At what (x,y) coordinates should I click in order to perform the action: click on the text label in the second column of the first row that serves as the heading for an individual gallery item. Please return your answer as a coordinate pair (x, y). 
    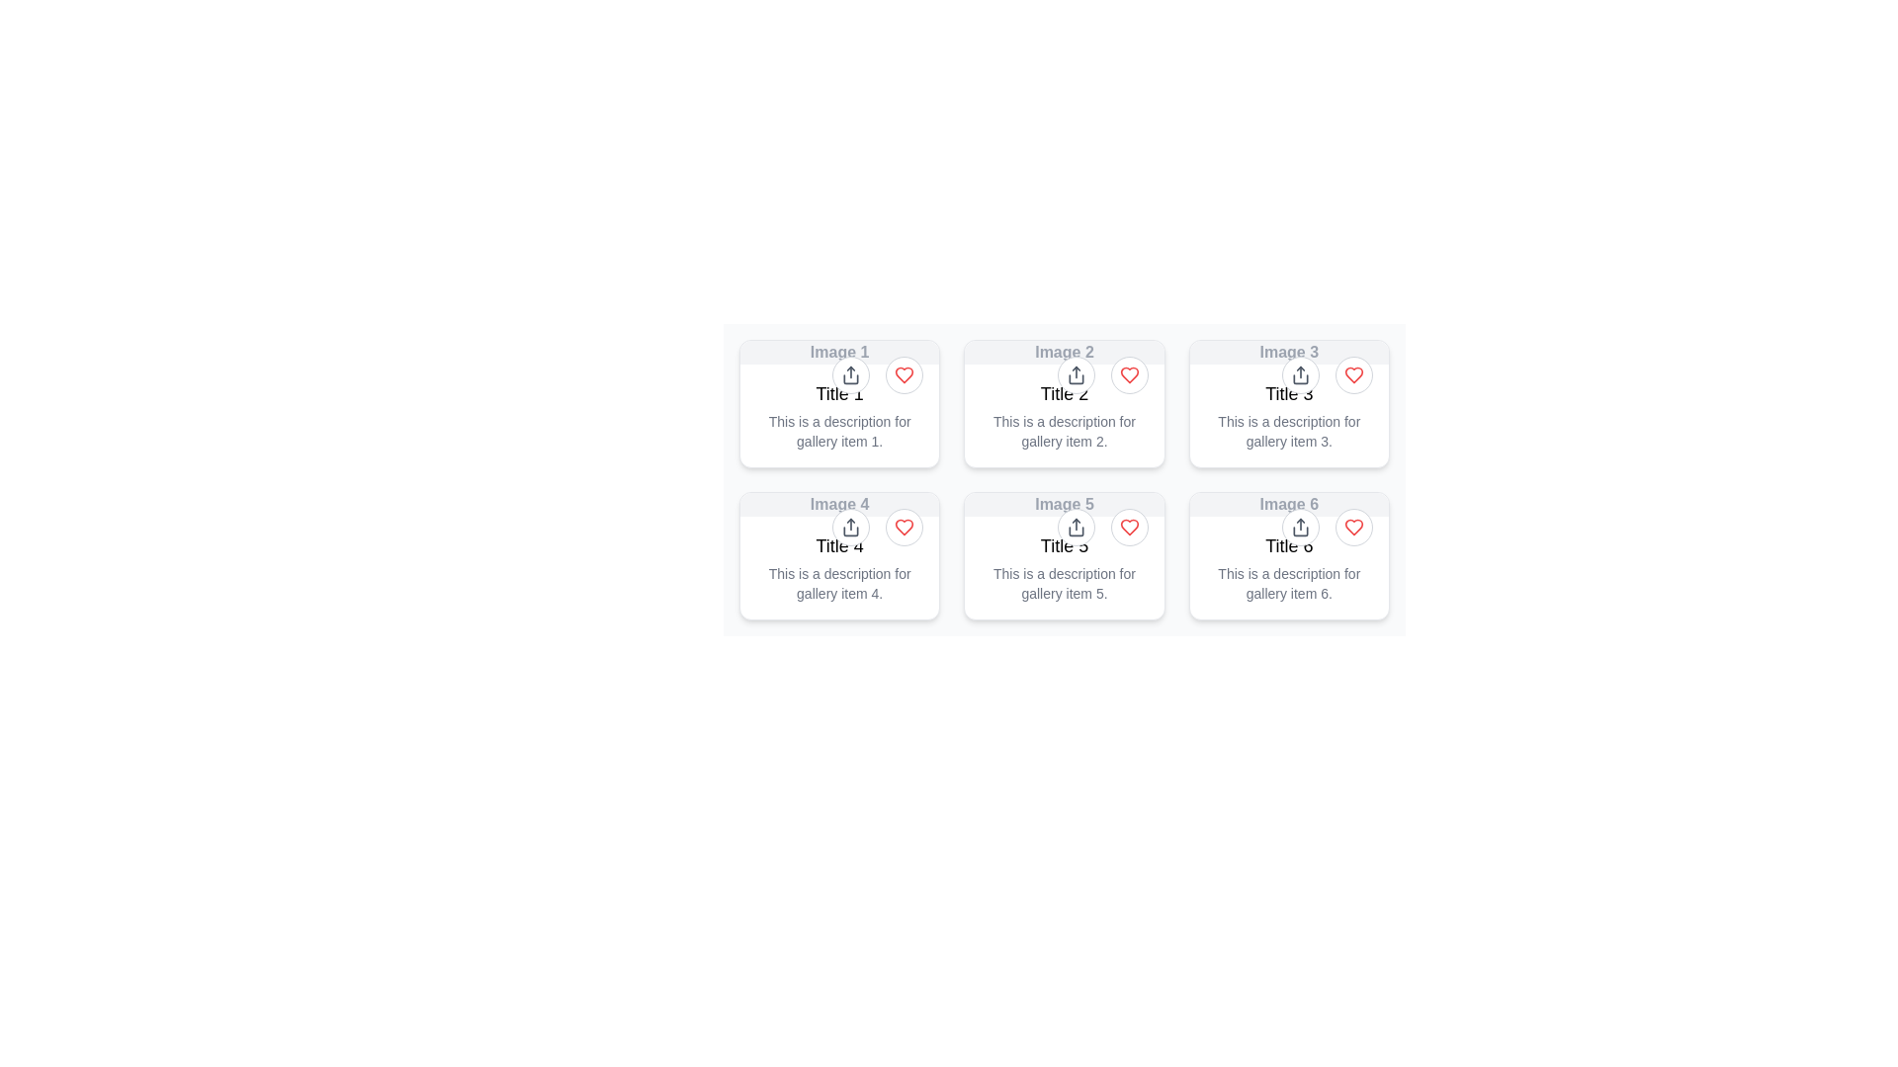
    Looking at the image, I should click on (1063, 393).